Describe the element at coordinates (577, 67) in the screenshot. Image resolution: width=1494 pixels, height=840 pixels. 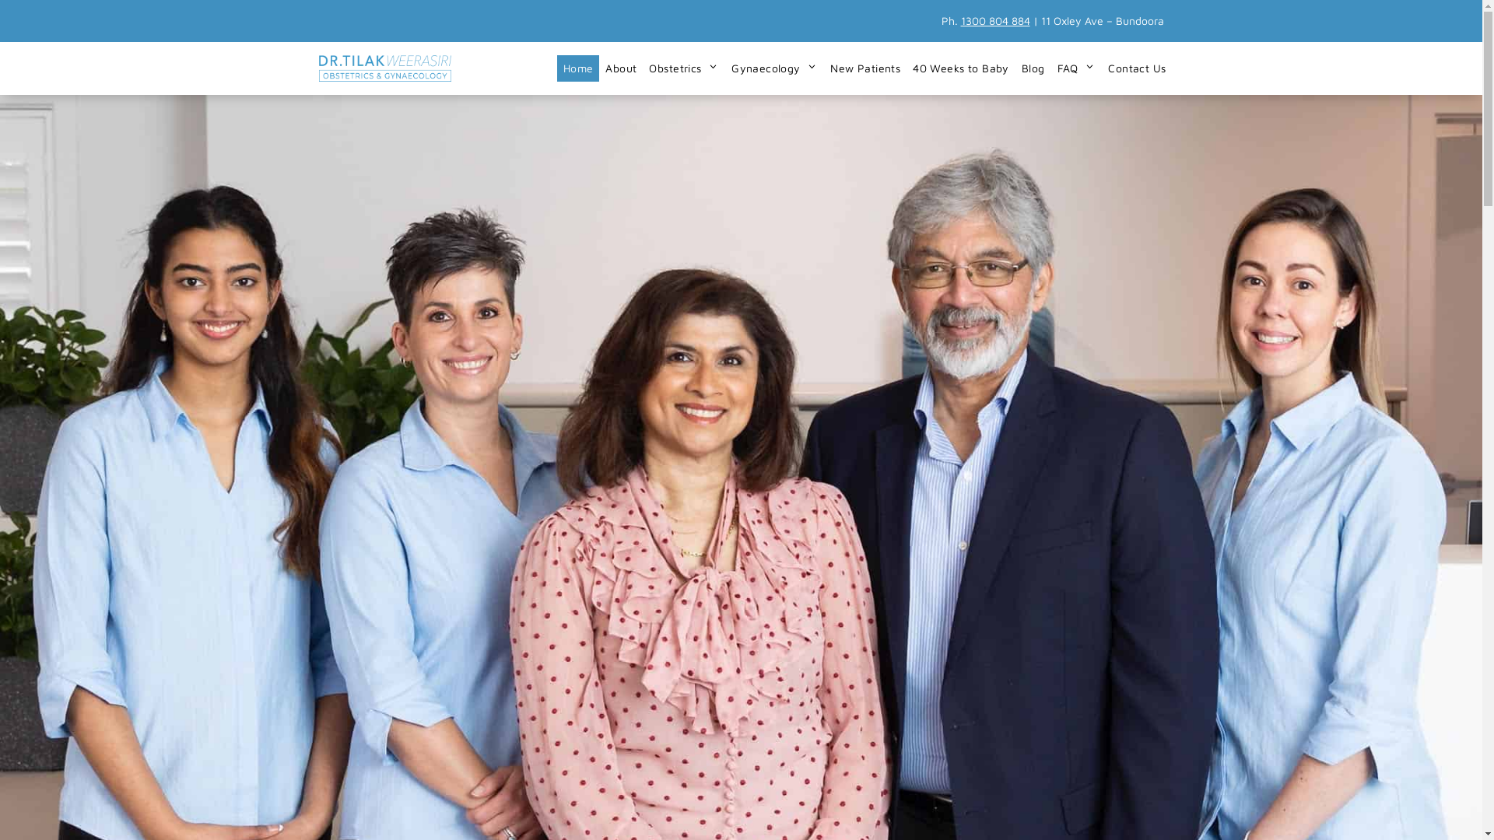
I see `'Home'` at that location.